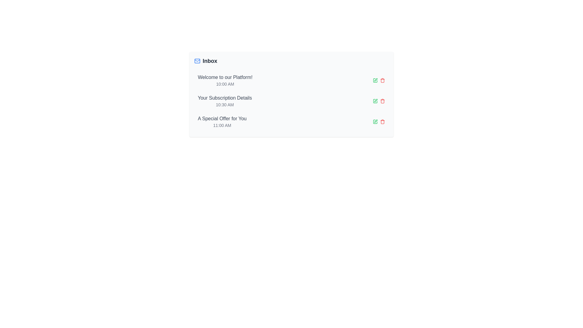 Image resolution: width=583 pixels, height=328 pixels. I want to click on the pen icon representing the editing action located in the far right section of the first row in the Inbox interface, so click(375, 79).